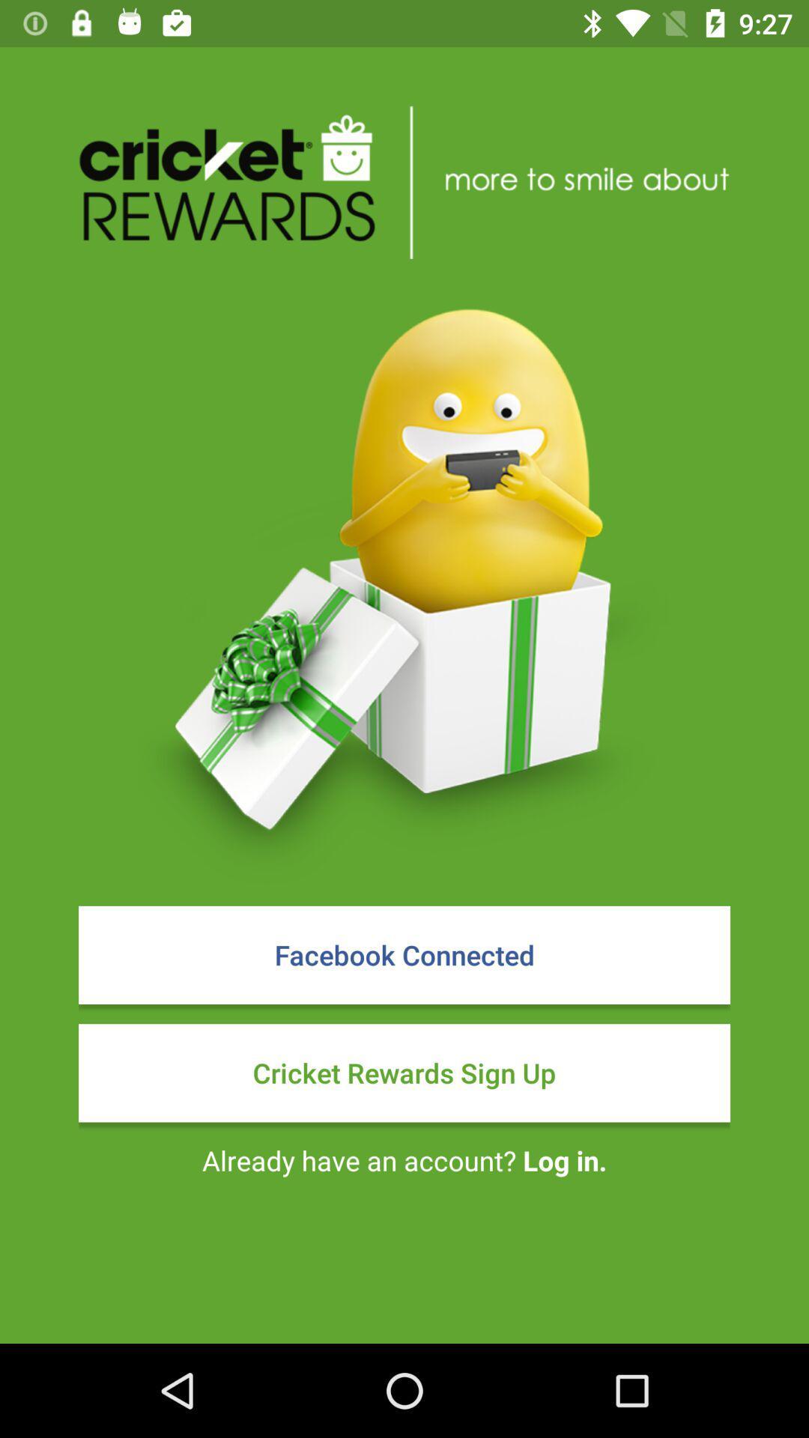  Describe the element at coordinates (404, 1159) in the screenshot. I see `the already have an` at that location.